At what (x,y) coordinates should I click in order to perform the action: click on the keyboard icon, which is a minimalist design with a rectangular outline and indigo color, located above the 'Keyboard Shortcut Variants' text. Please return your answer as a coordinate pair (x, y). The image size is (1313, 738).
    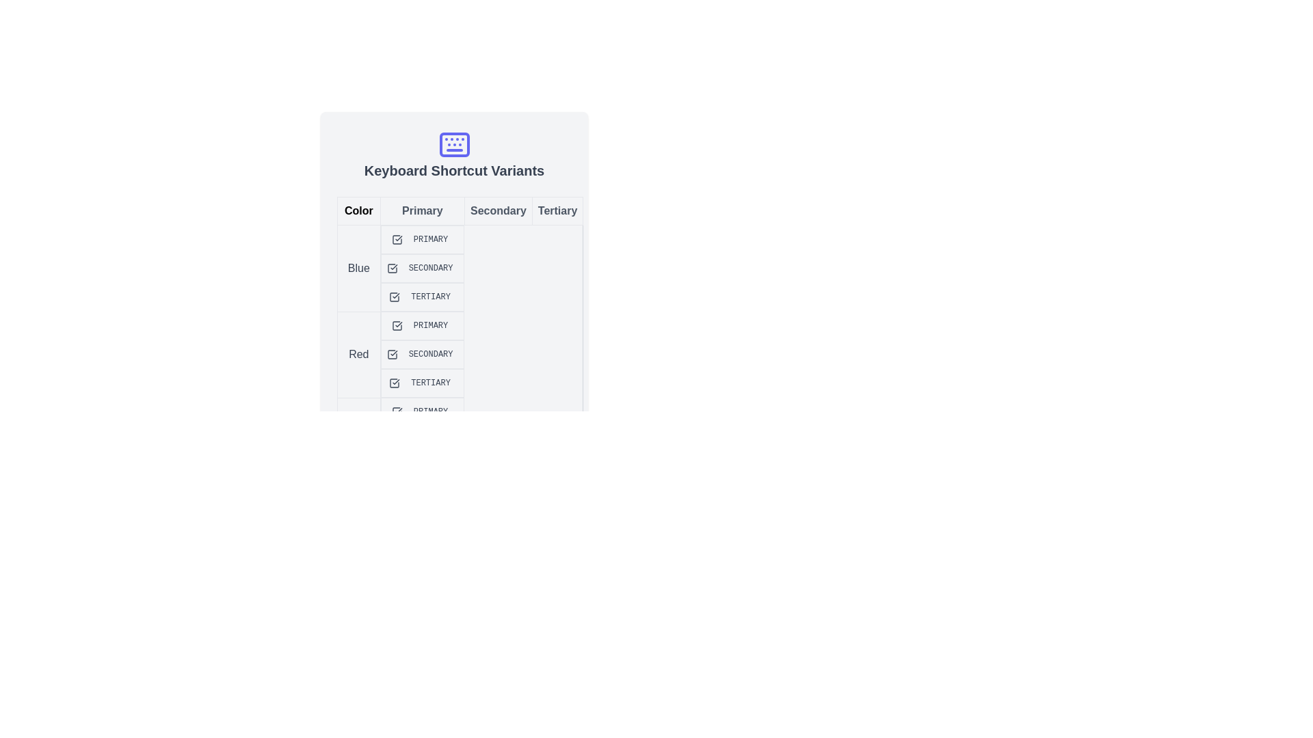
    Looking at the image, I should click on (454, 145).